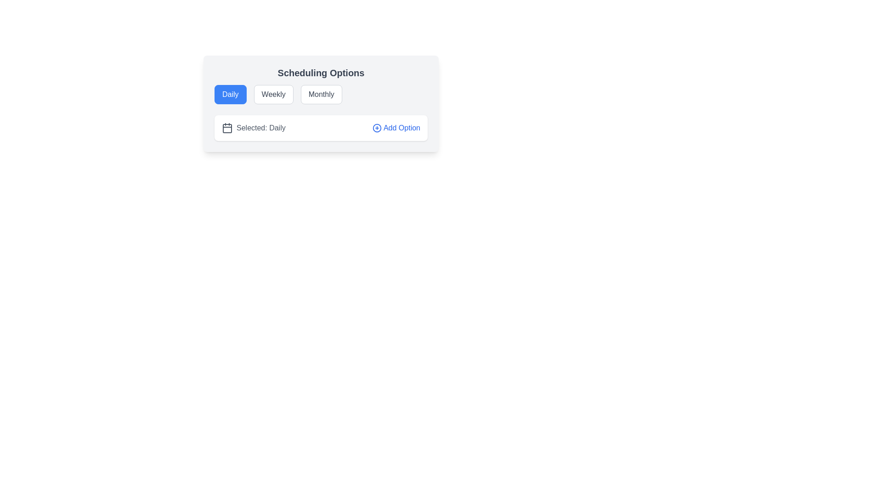 This screenshot has width=882, height=496. I want to click on the 'Weekly' button, which is styled as a rounded and bordered rectangle with a white background, gray text, and a gray border, located under the heading 'Scheduling Options', so click(273, 94).